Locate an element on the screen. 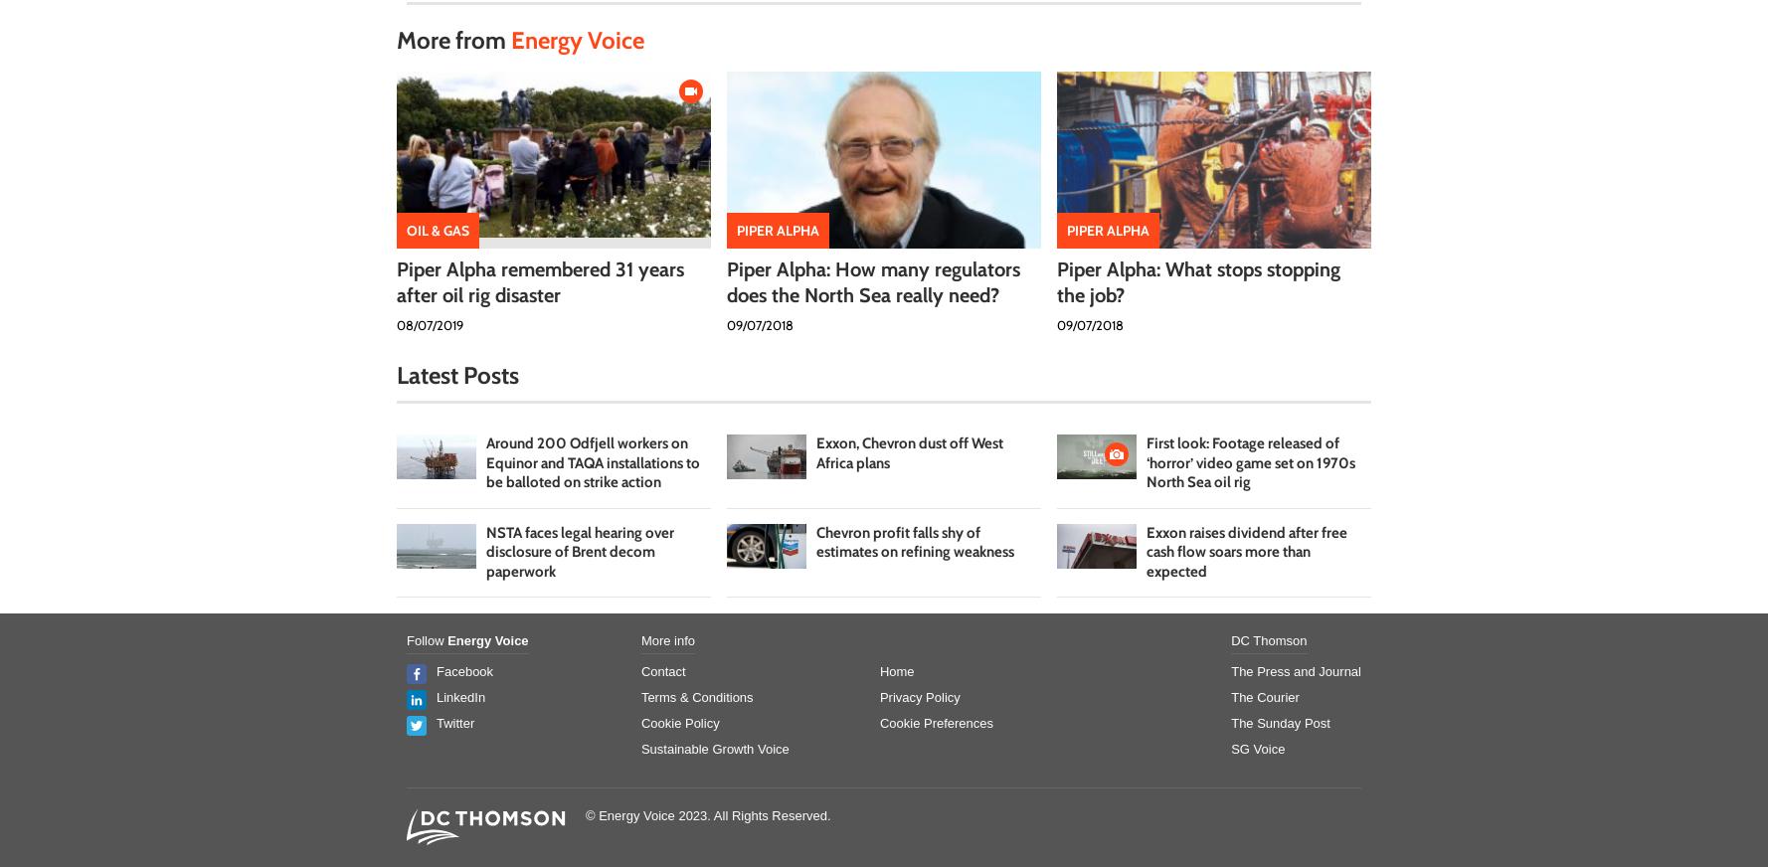 Image resolution: width=1768 pixels, height=867 pixels. 'Terms & Conditions' is located at coordinates (639, 696).